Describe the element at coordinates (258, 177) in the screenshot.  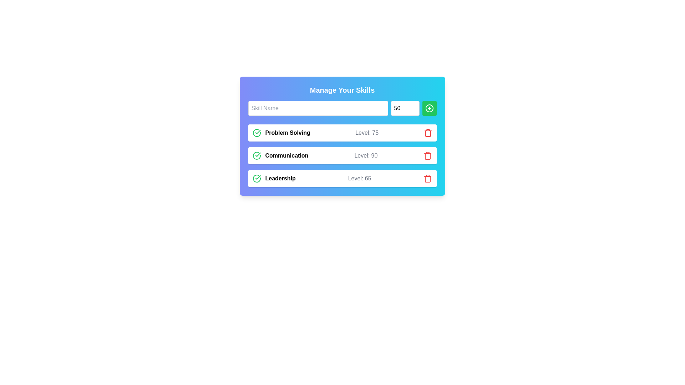
I see `the status of the smaller checkmark icon positioned diagonally upward to the right within the green checkmark icon for skill items` at that location.